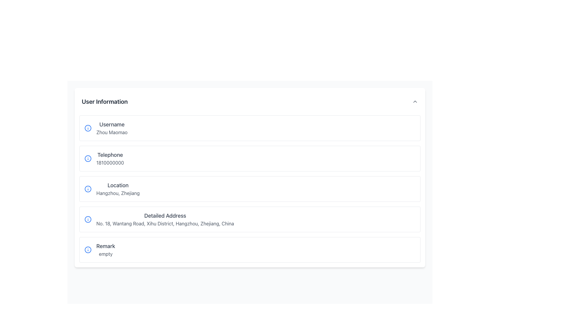  What do you see at coordinates (87, 158) in the screenshot?
I see `the informational icon located to the left of the 'Telephone' section, above the phone number '1810000000'` at bounding box center [87, 158].